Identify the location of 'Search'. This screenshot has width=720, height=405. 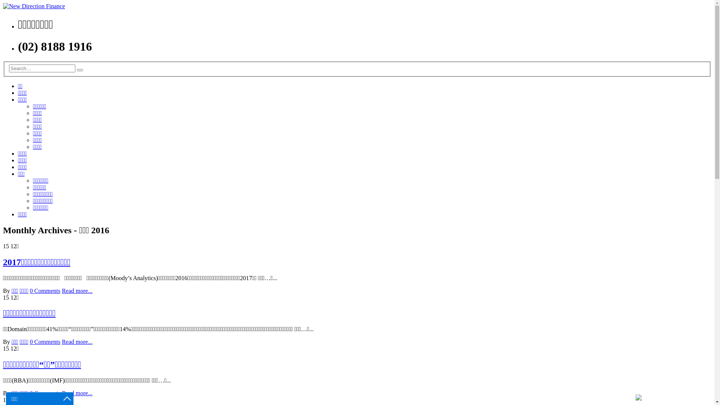
(79, 70).